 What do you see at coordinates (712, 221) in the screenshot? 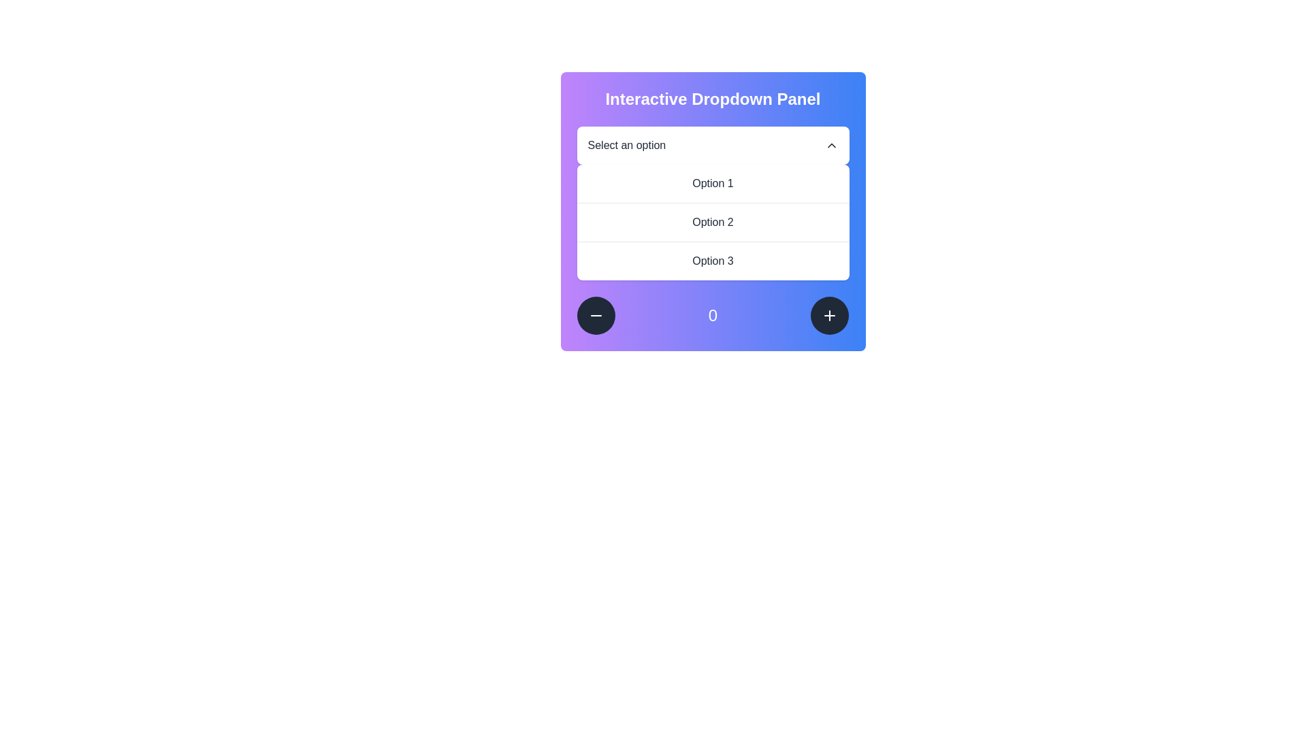
I see `displayed text of the second option in the list, labeled 'Option 2', which is located centrally in the interface between 'Option 1' and 'Option 3'` at bounding box center [712, 221].